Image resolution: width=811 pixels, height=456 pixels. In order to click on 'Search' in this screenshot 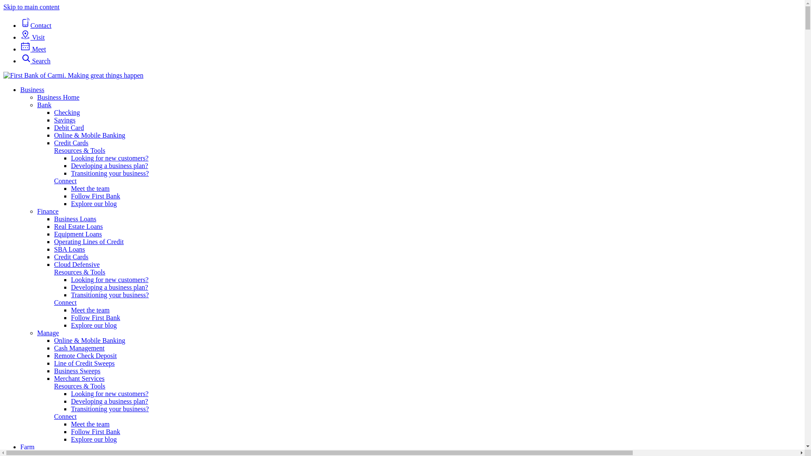, I will do `click(35, 60)`.